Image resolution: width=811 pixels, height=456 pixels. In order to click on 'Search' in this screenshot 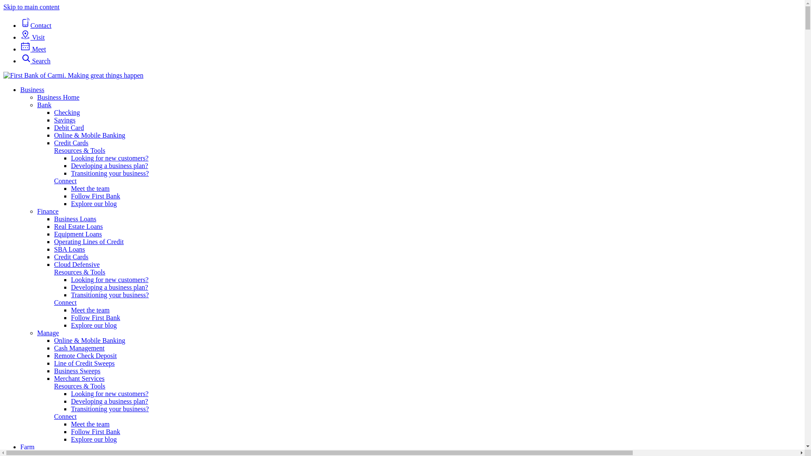, I will do `click(35, 60)`.